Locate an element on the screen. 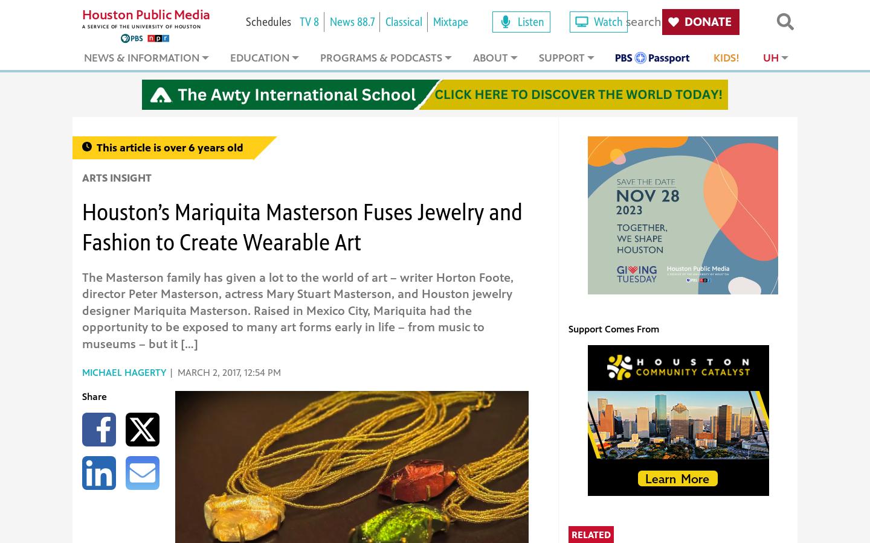  'Arts InSight' is located at coordinates (117, 177).